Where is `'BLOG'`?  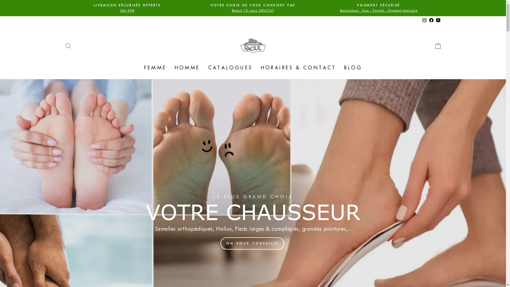
'BLOG' is located at coordinates (340, 67).